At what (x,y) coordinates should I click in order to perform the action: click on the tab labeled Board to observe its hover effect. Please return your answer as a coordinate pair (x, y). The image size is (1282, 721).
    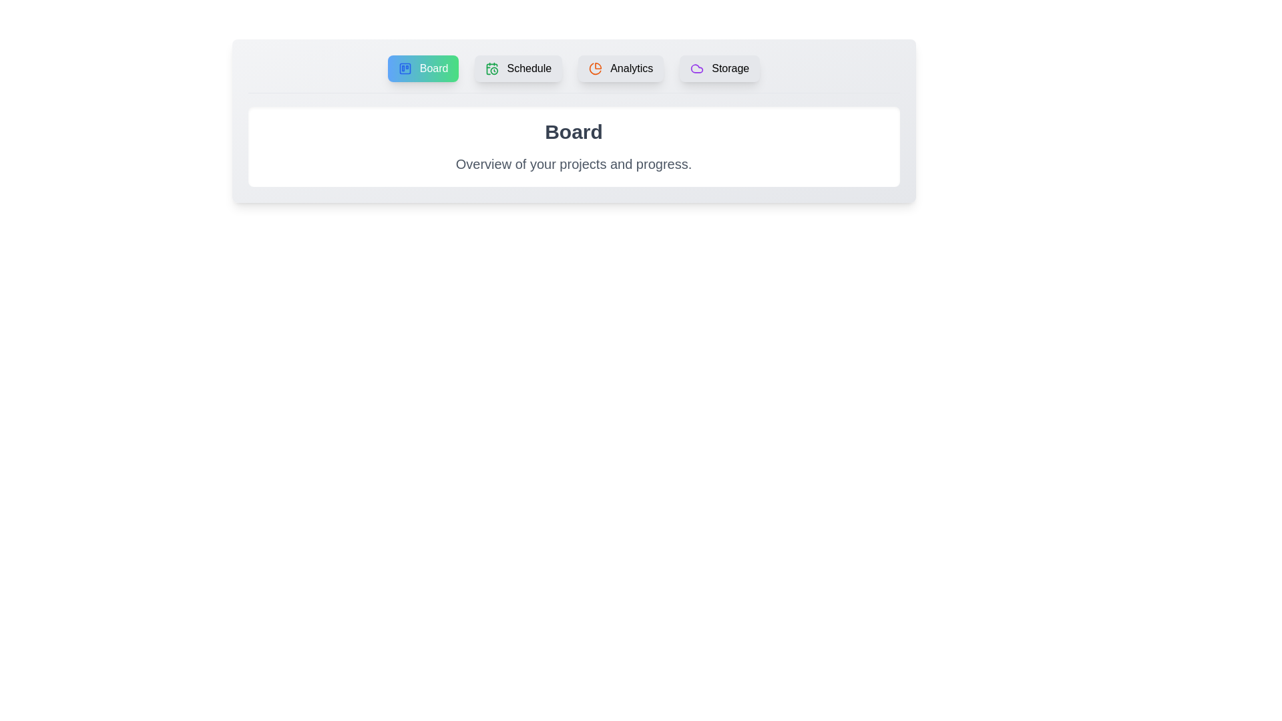
    Looking at the image, I should click on (422, 69).